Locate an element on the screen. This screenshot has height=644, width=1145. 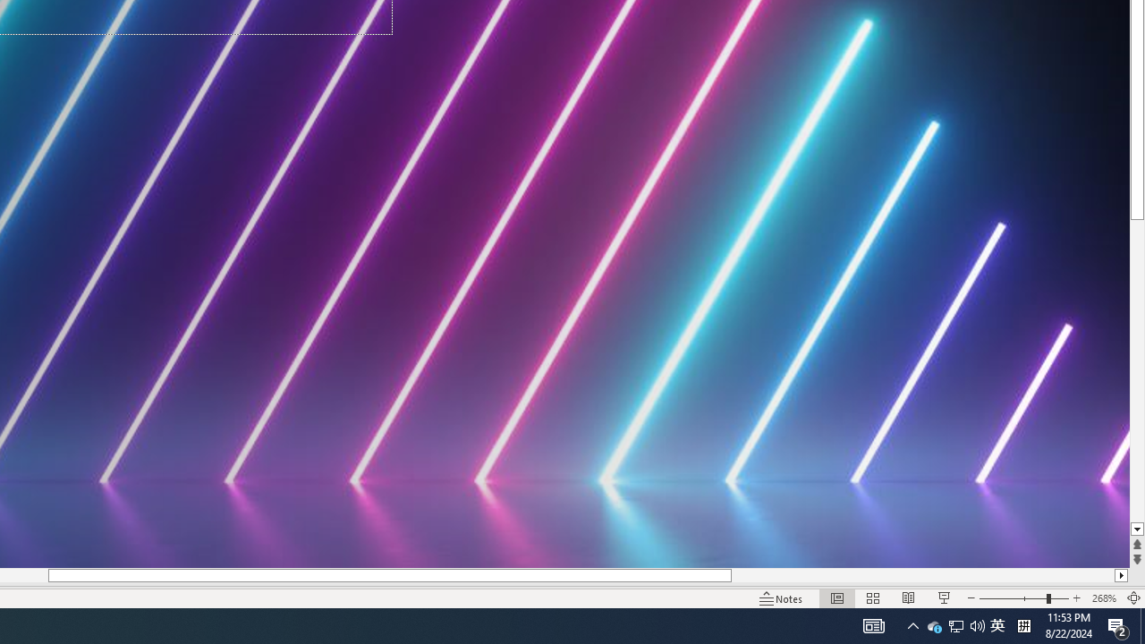
'Zoom' is located at coordinates (1023, 598).